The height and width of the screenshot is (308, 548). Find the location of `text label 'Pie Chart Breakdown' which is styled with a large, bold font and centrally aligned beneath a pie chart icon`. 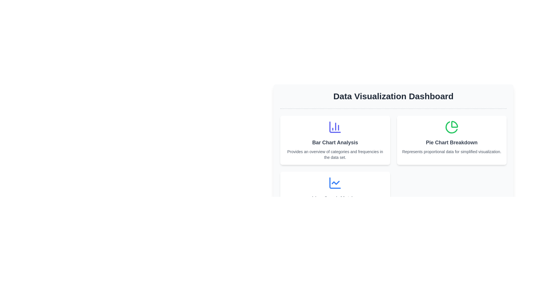

text label 'Pie Chart Breakdown' which is styled with a large, bold font and centrally aligned beneath a pie chart icon is located at coordinates (451, 142).